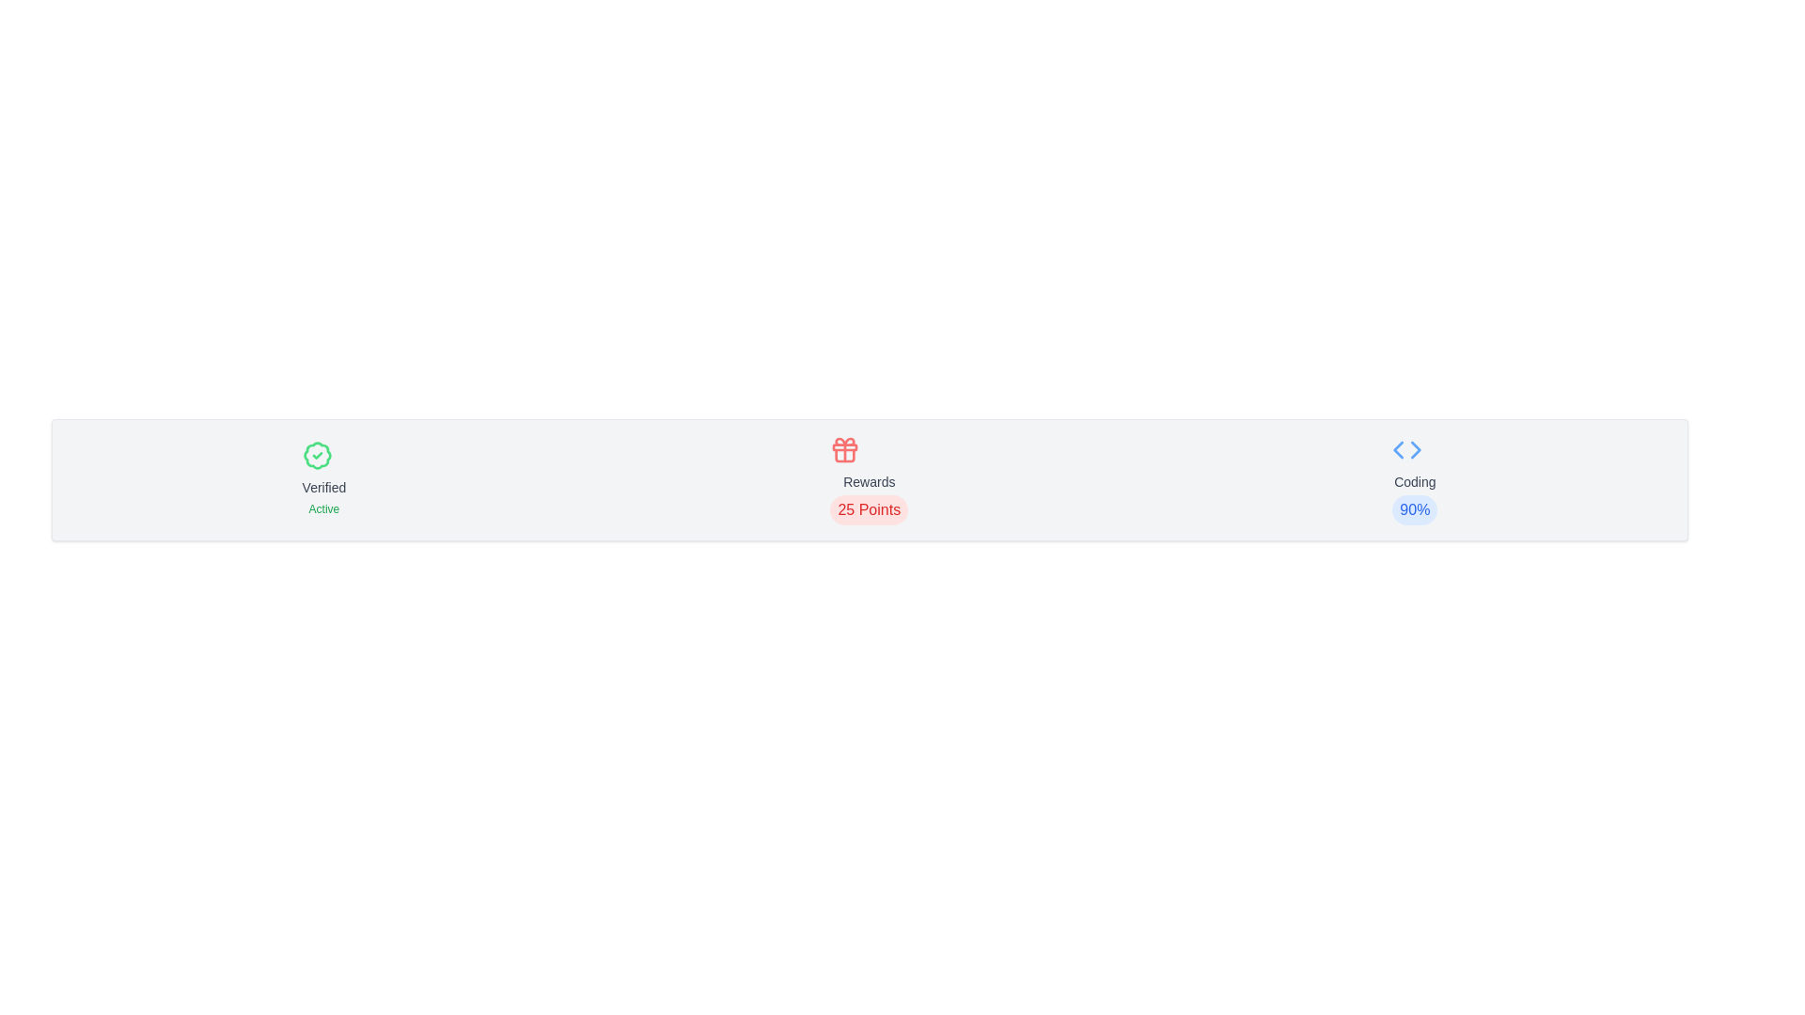 The width and height of the screenshot is (1805, 1015). I want to click on the 'Rewards' icon, which visually represents the concept of rewards and is located centrally above the text '25 Points', so click(844, 449).